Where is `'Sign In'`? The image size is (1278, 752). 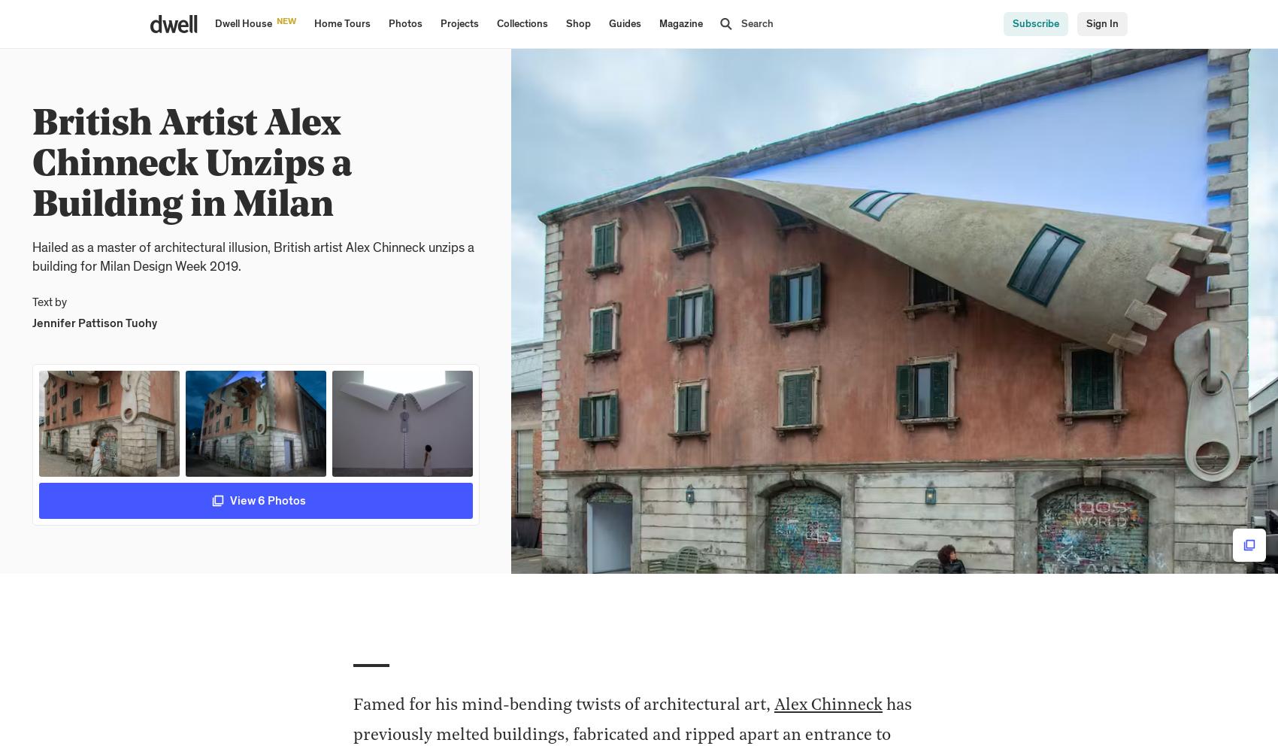
'Sign In' is located at coordinates (1101, 24).